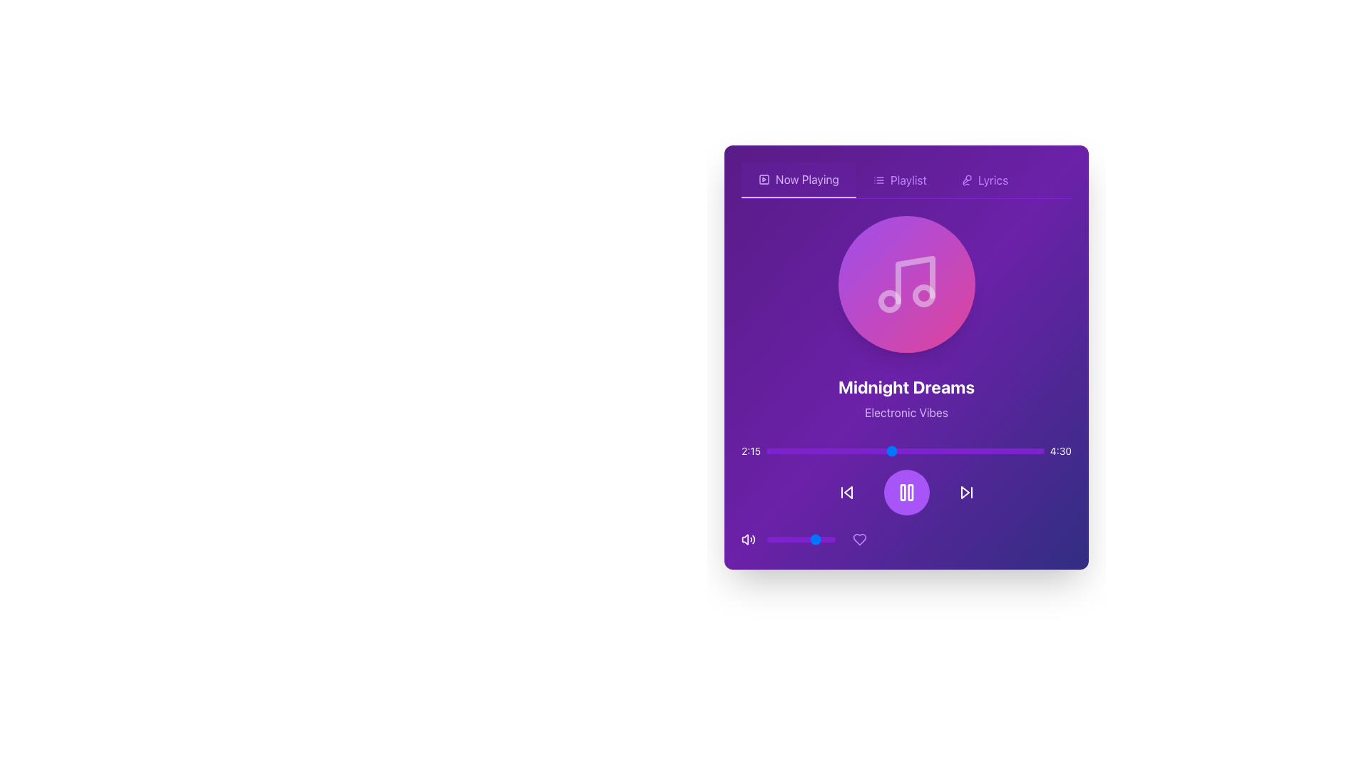 This screenshot has height=770, width=1369. Describe the element at coordinates (785, 451) in the screenshot. I see `the slider` at that location.